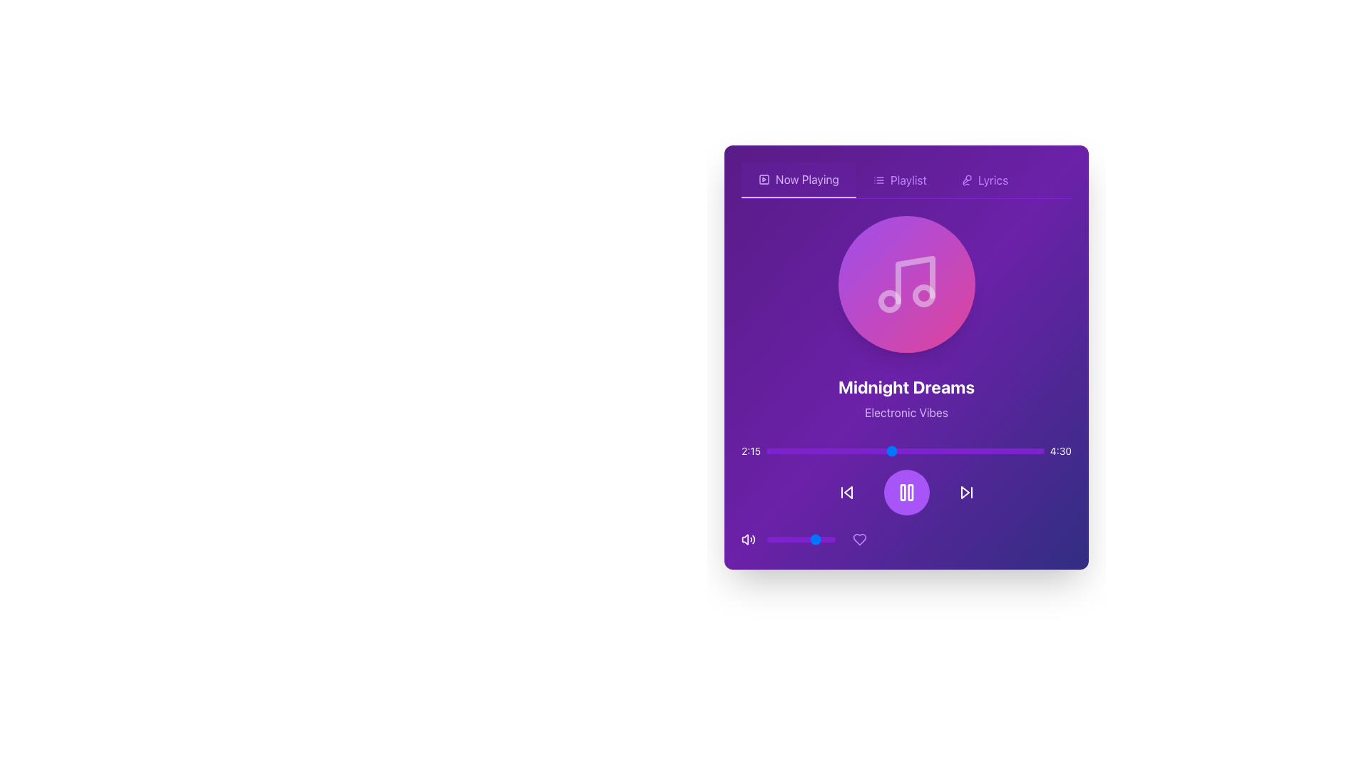 This screenshot has height=770, width=1369. Describe the element at coordinates (785, 451) in the screenshot. I see `the slider` at that location.